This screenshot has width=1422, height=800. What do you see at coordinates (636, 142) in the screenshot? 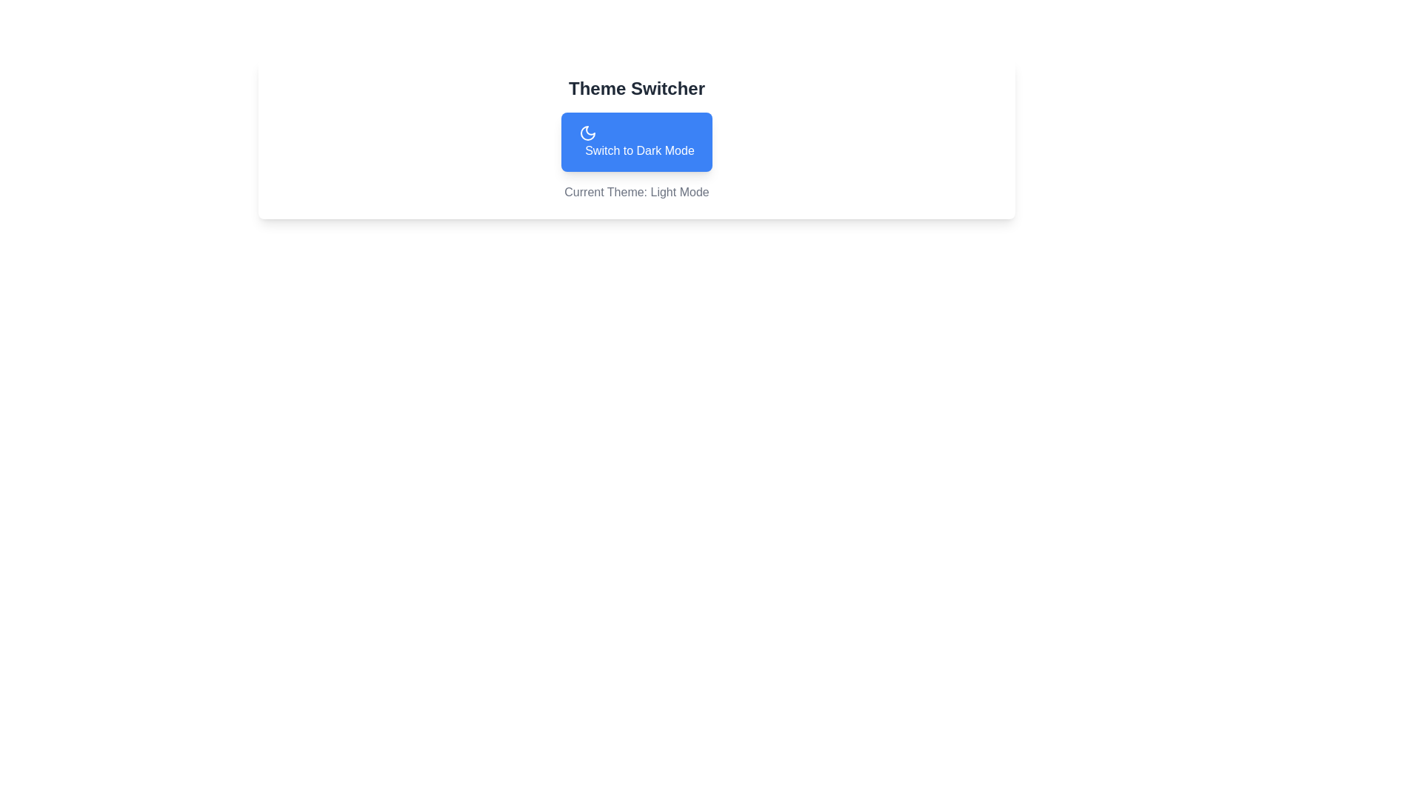
I see `the 'Switch to Dark Mode' button to toggle the theme` at bounding box center [636, 142].